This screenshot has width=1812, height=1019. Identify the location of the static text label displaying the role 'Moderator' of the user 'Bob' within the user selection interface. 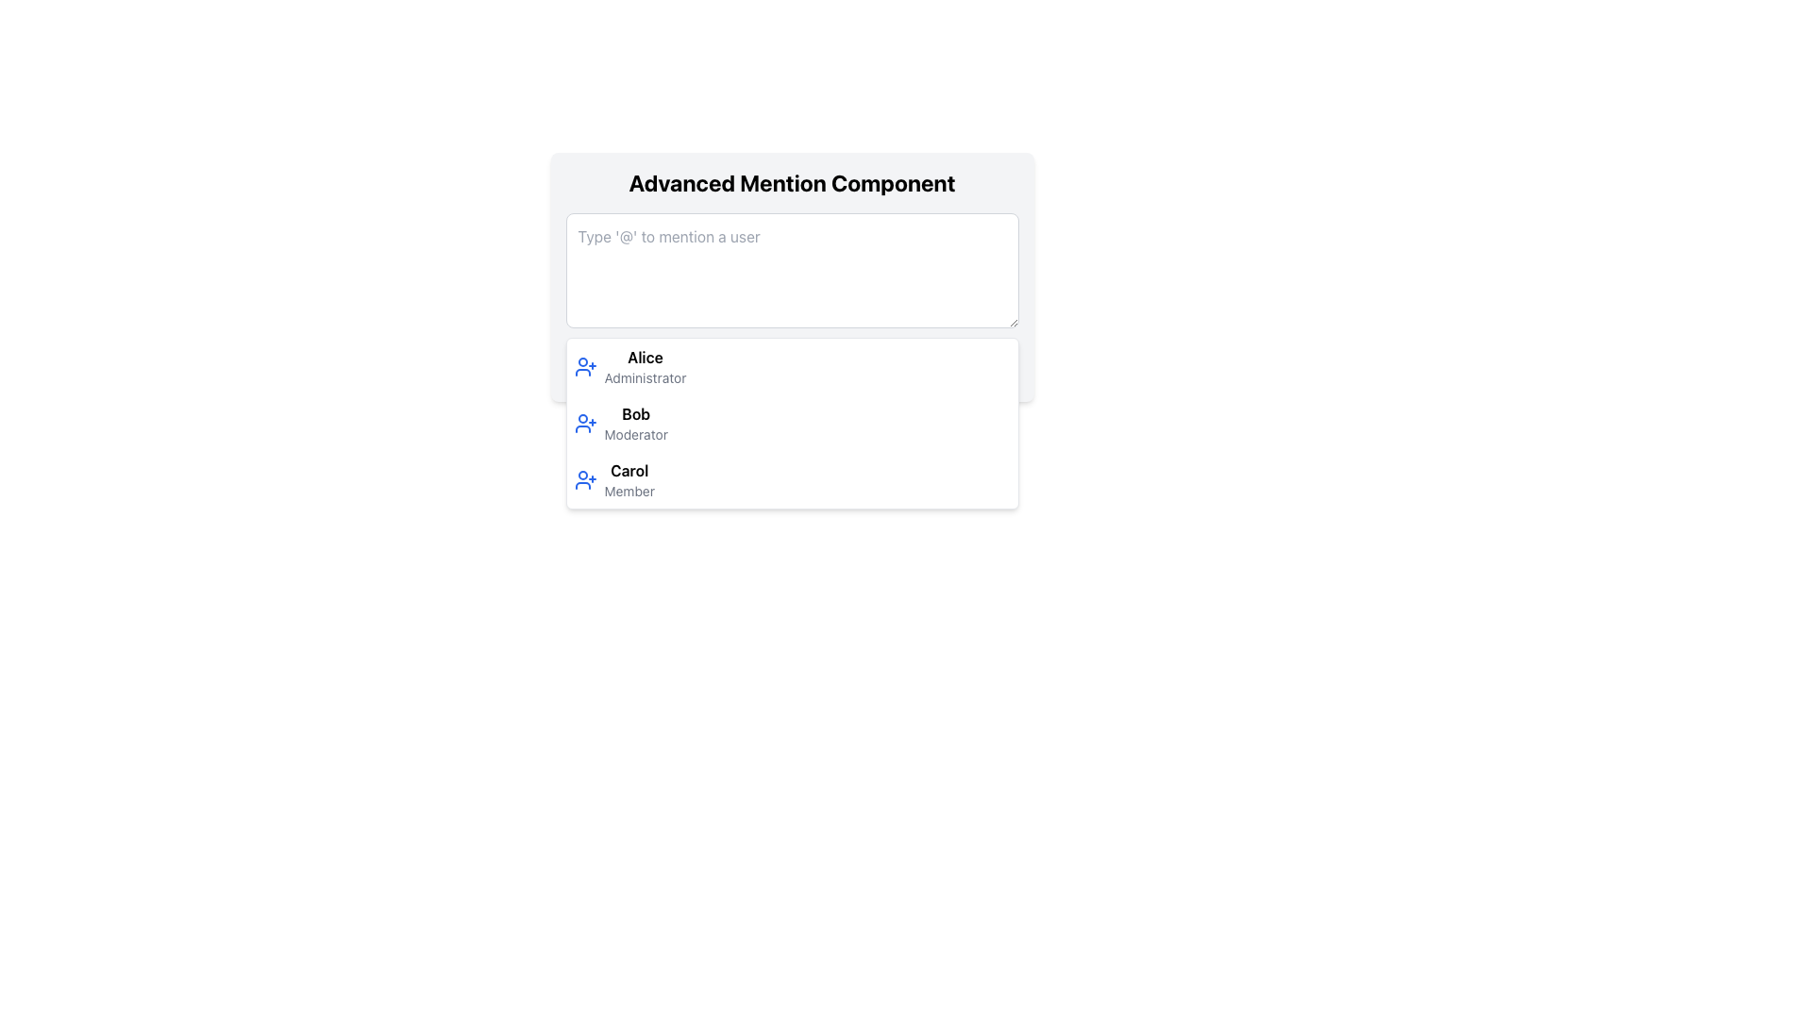
(636, 435).